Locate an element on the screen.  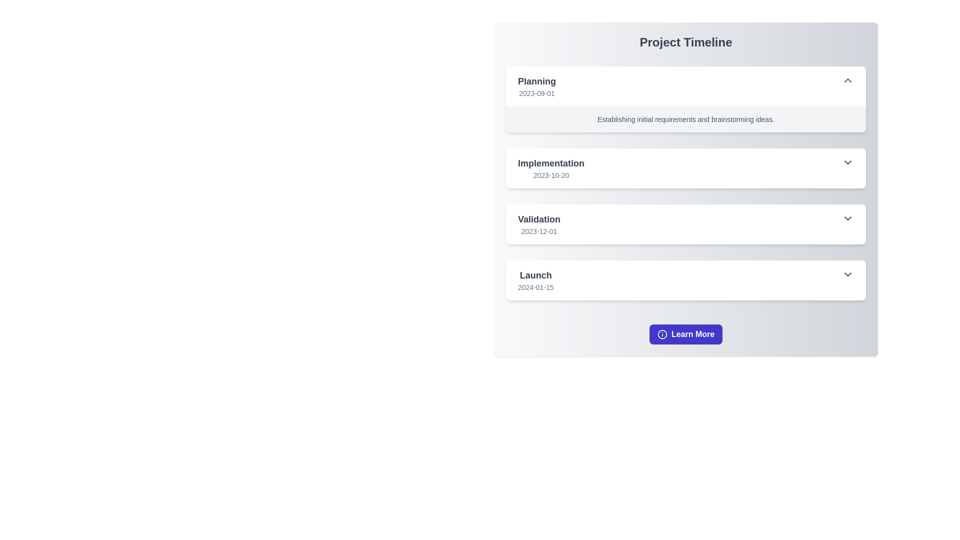
the descriptive text element that provides information about the 'Planning' phase in the timeline, located below the 'Project Timeline' header is located at coordinates (685, 119).